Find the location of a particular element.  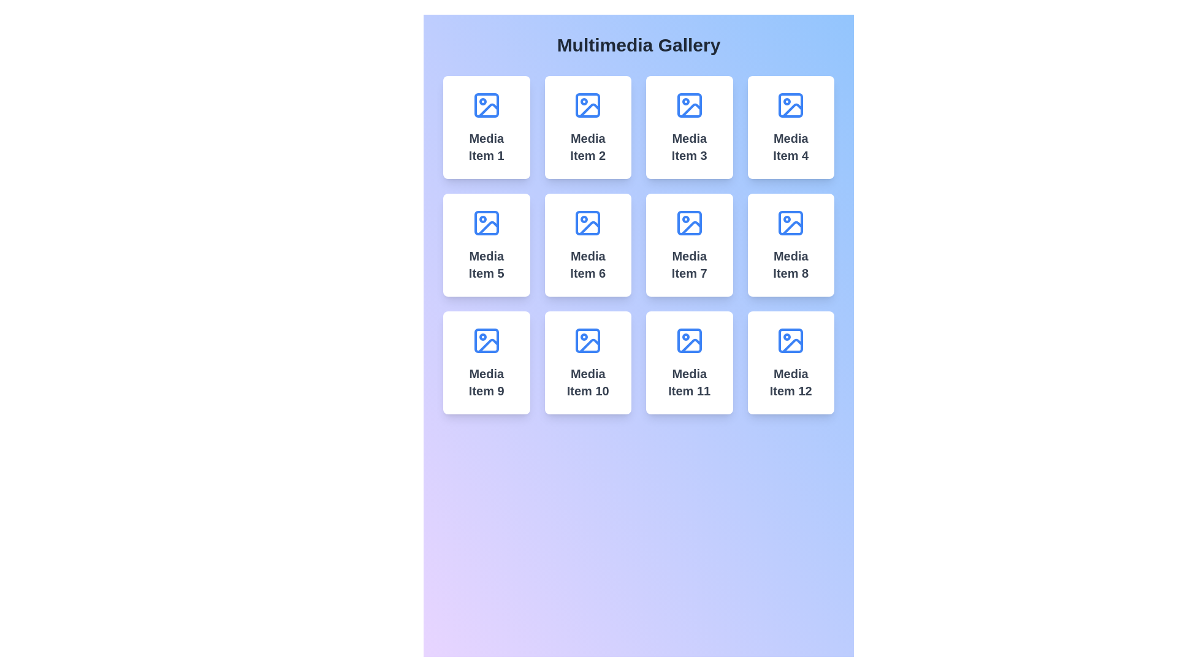

the text label displaying 'Media Item 11', which is styled with centered alignment, large bold font, and located in the third row and second column of a grid layout is located at coordinates (689, 382).